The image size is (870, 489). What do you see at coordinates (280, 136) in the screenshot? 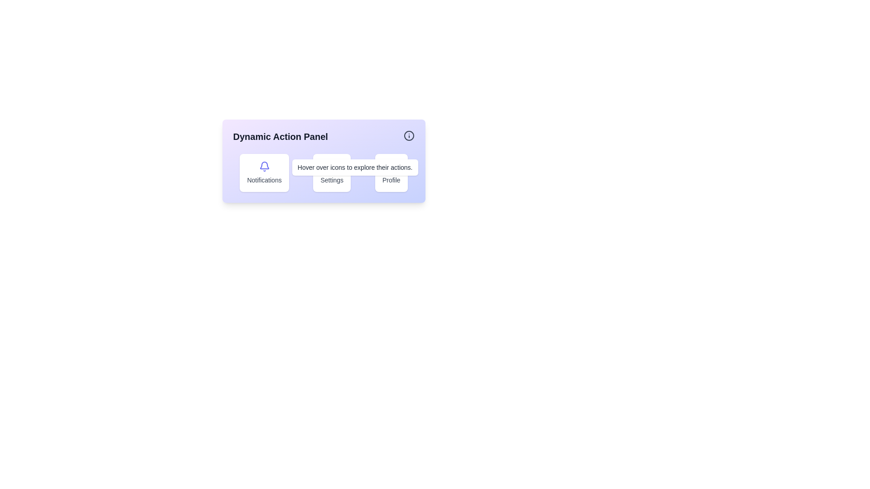
I see `the text label that serves as a header or title for the associated panel` at bounding box center [280, 136].